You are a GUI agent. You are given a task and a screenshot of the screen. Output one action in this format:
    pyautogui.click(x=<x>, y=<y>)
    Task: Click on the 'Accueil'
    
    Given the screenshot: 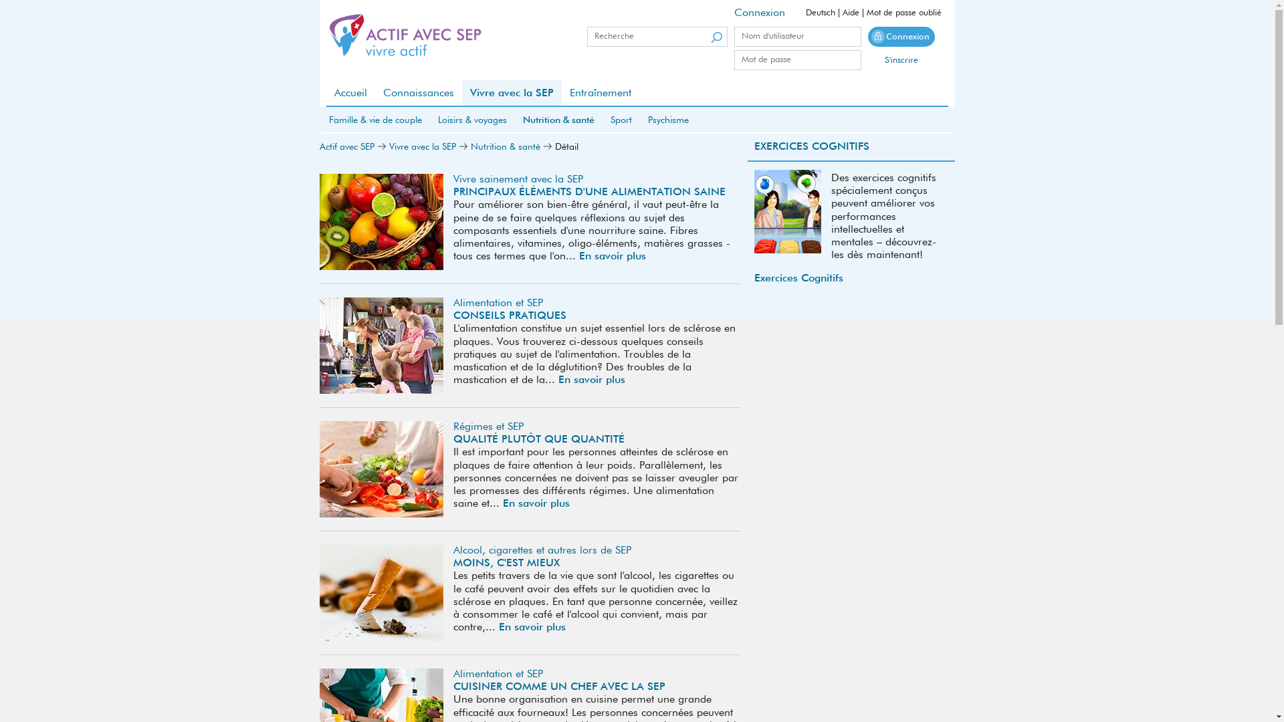 What is the action you would take?
    pyautogui.click(x=350, y=92)
    